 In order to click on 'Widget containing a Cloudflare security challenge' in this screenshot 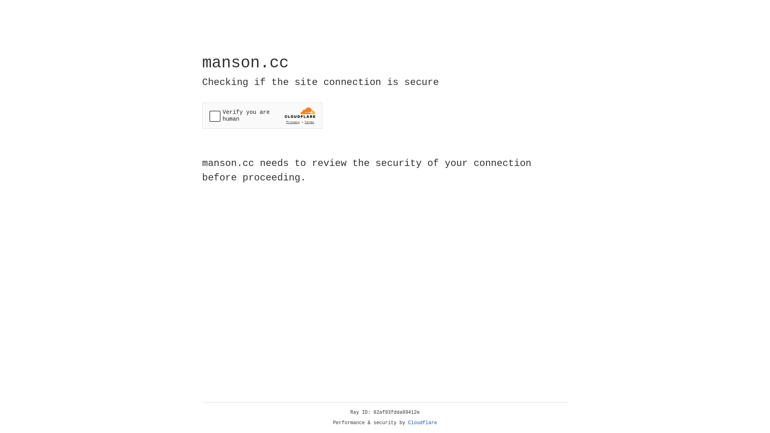, I will do `click(262, 115)`.